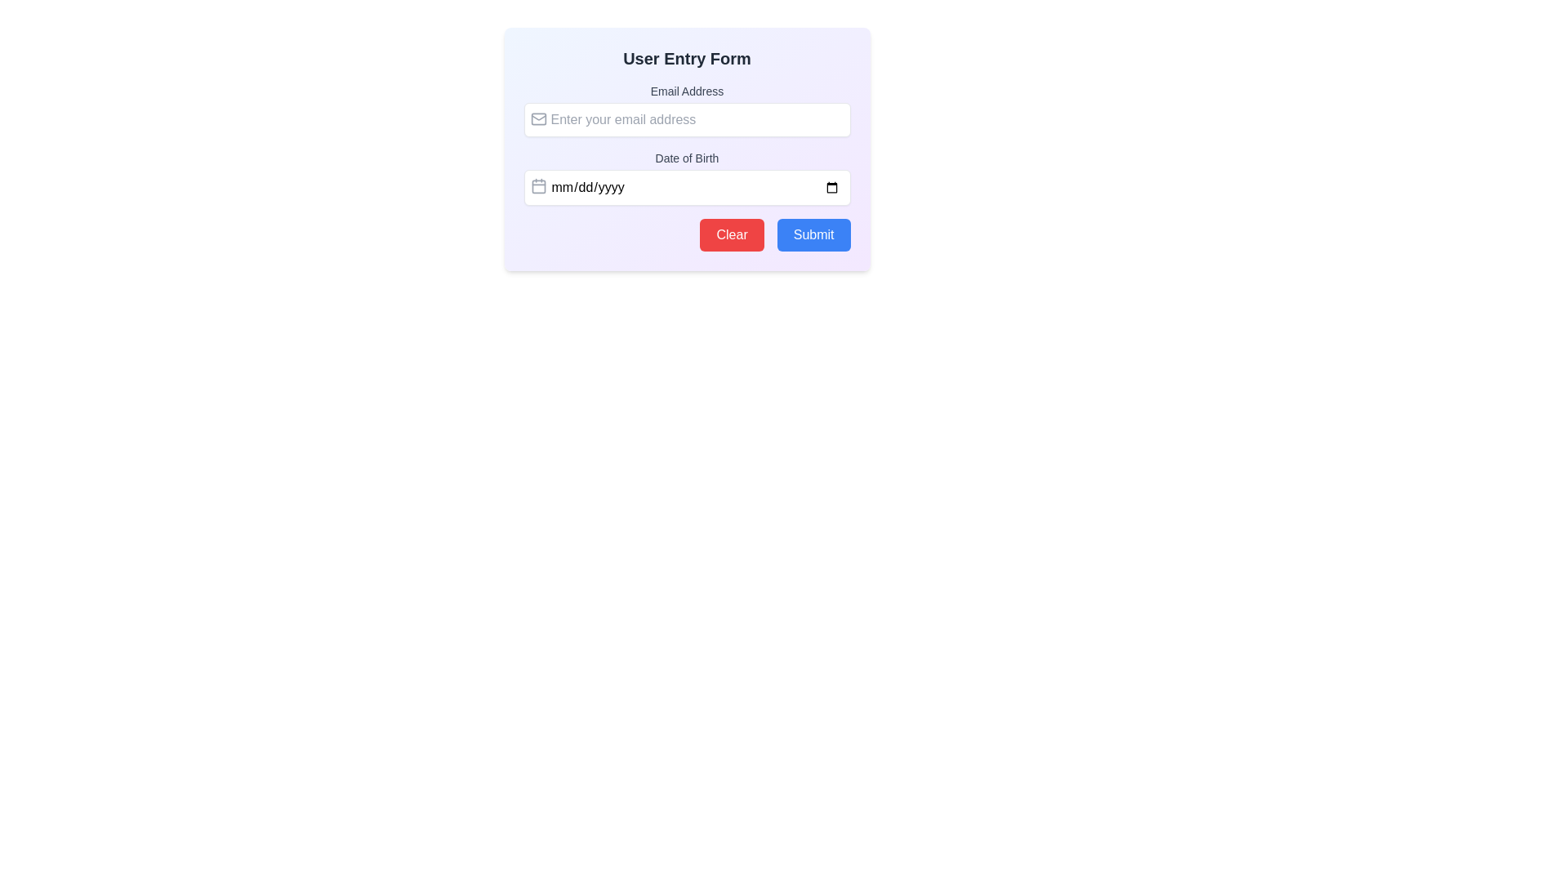  What do you see at coordinates (687, 118) in the screenshot?
I see `the Text Input field for entering an email address located below the 'Email Address' label and above the 'Date of Birth' input field in the 'User Entry Form' interface` at bounding box center [687, 118].